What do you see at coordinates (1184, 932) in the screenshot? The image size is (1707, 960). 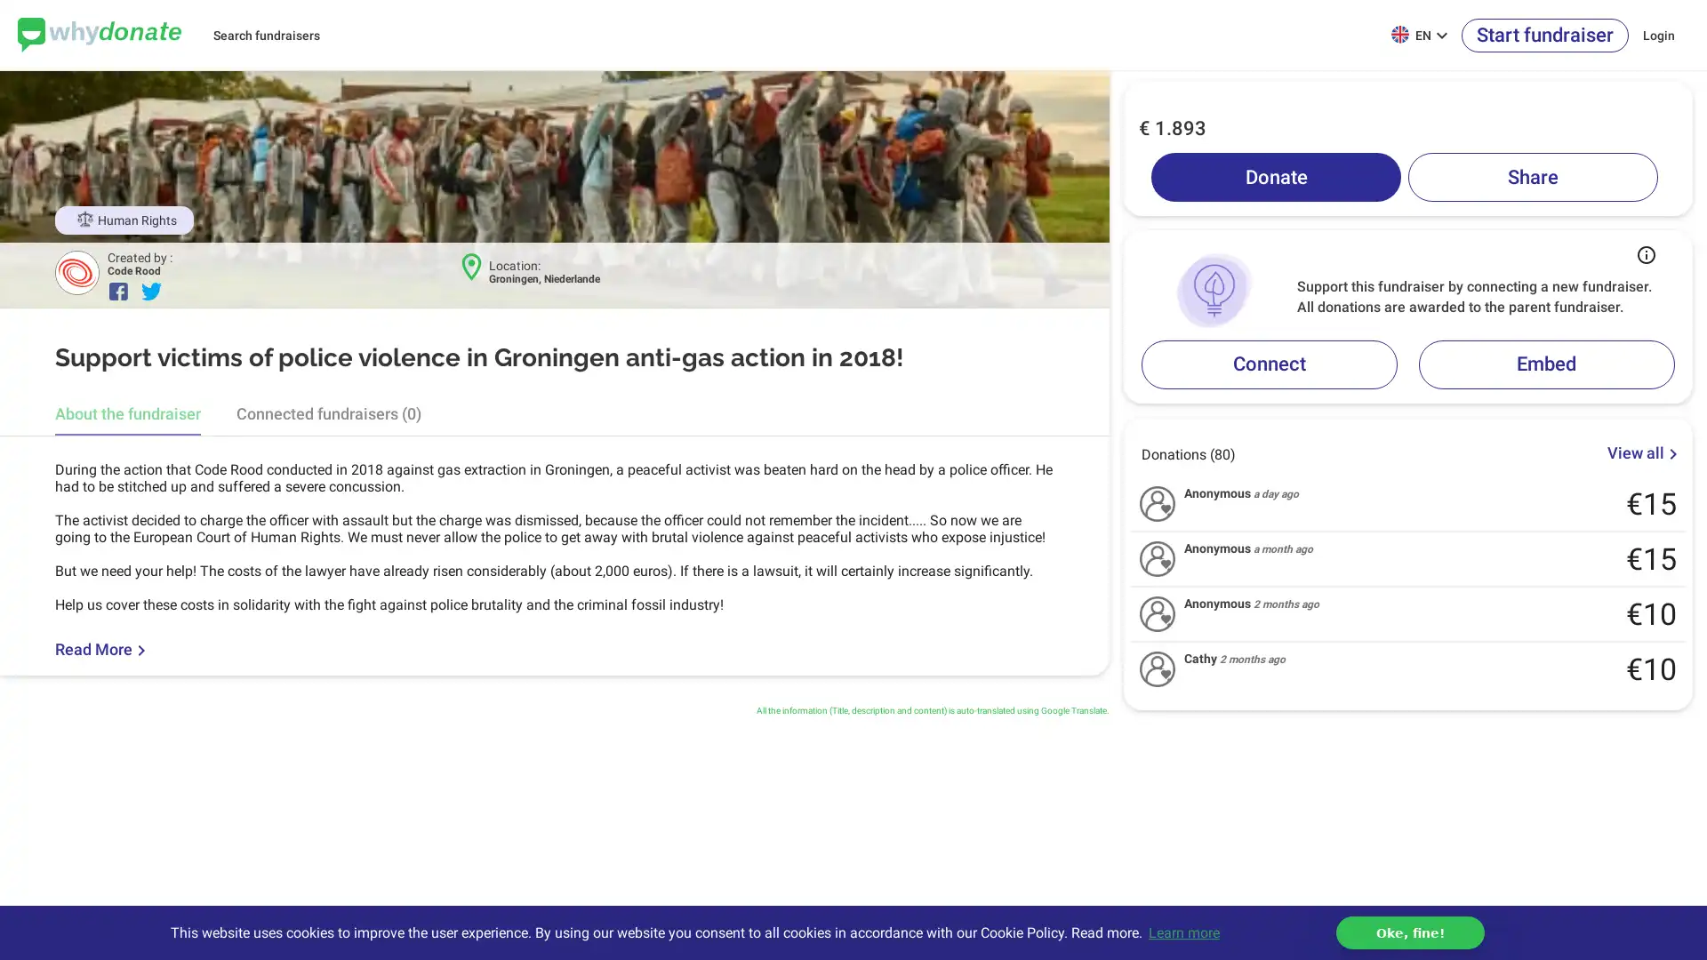 I see `learn more about cookies` at bounding box center [1184, 932].